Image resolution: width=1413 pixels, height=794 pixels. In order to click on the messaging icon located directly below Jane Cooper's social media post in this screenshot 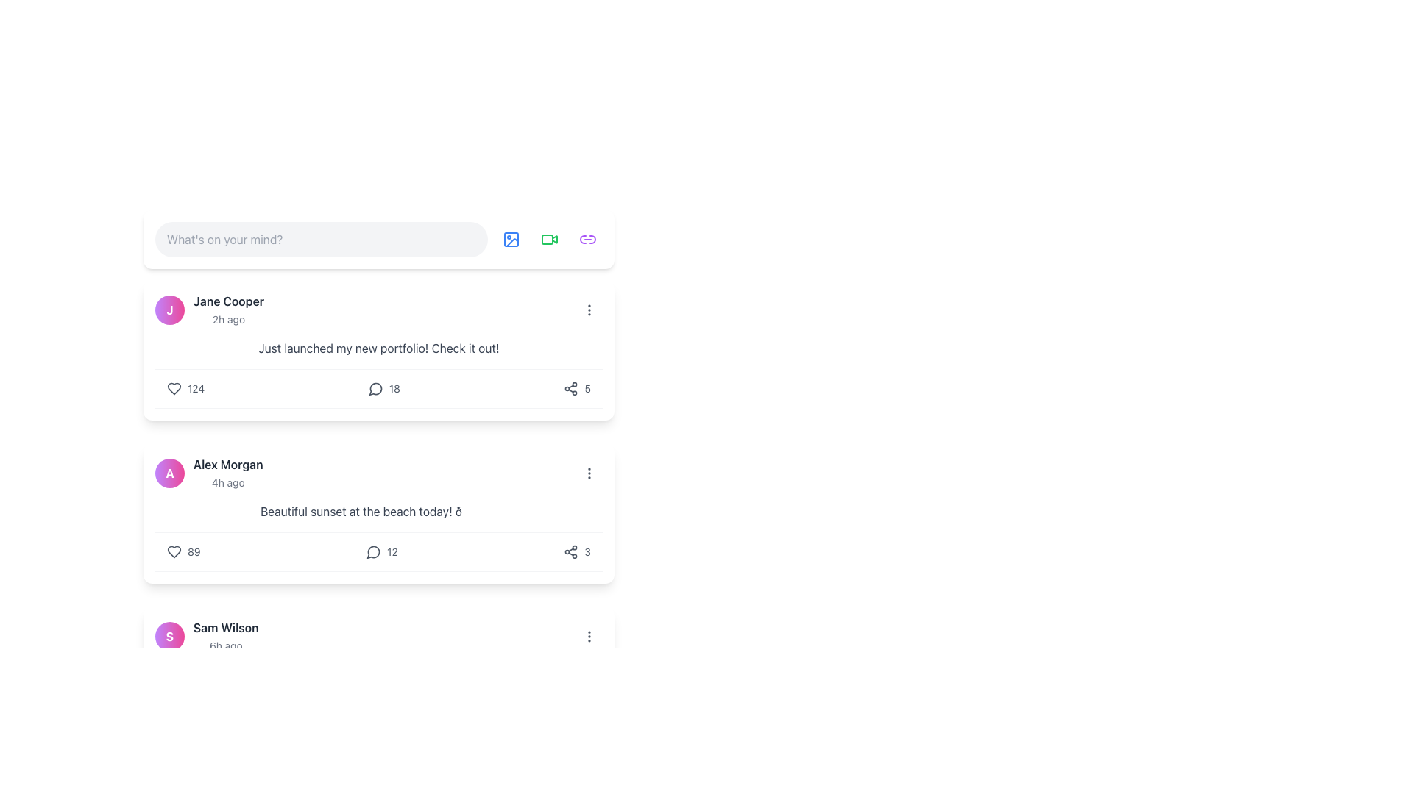, I will do `click(375, 387)`.